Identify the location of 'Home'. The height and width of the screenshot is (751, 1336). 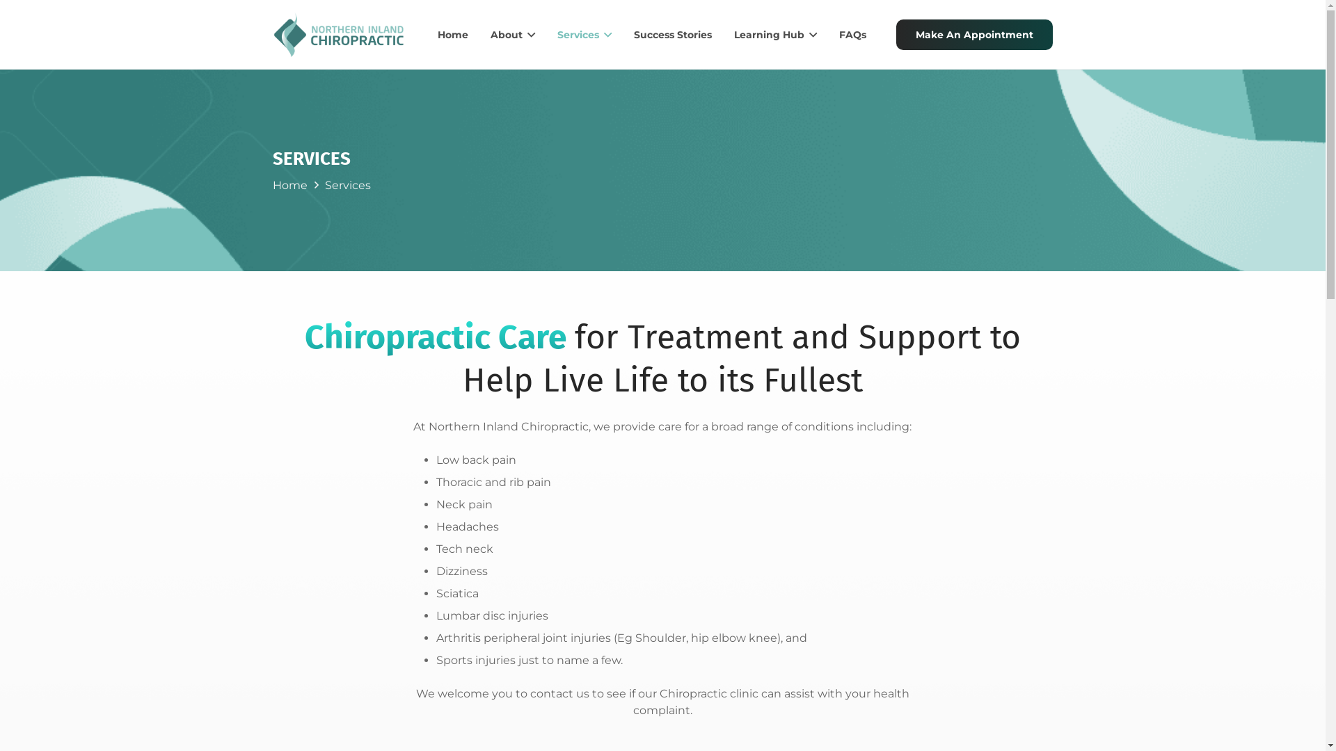
(453, 34).